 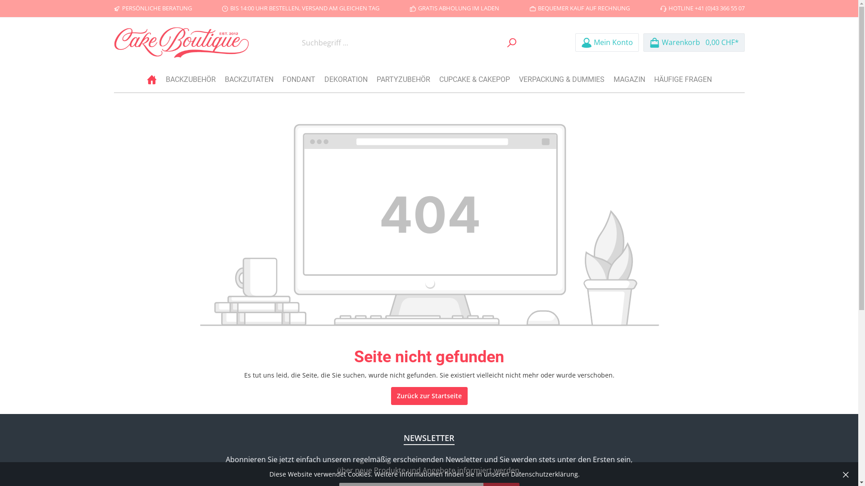 What do you see at coordinates (693, 42) in the screenshot?
I see `'Warenkorb 0,00 CHF*'` at bounding box center [693, 42].